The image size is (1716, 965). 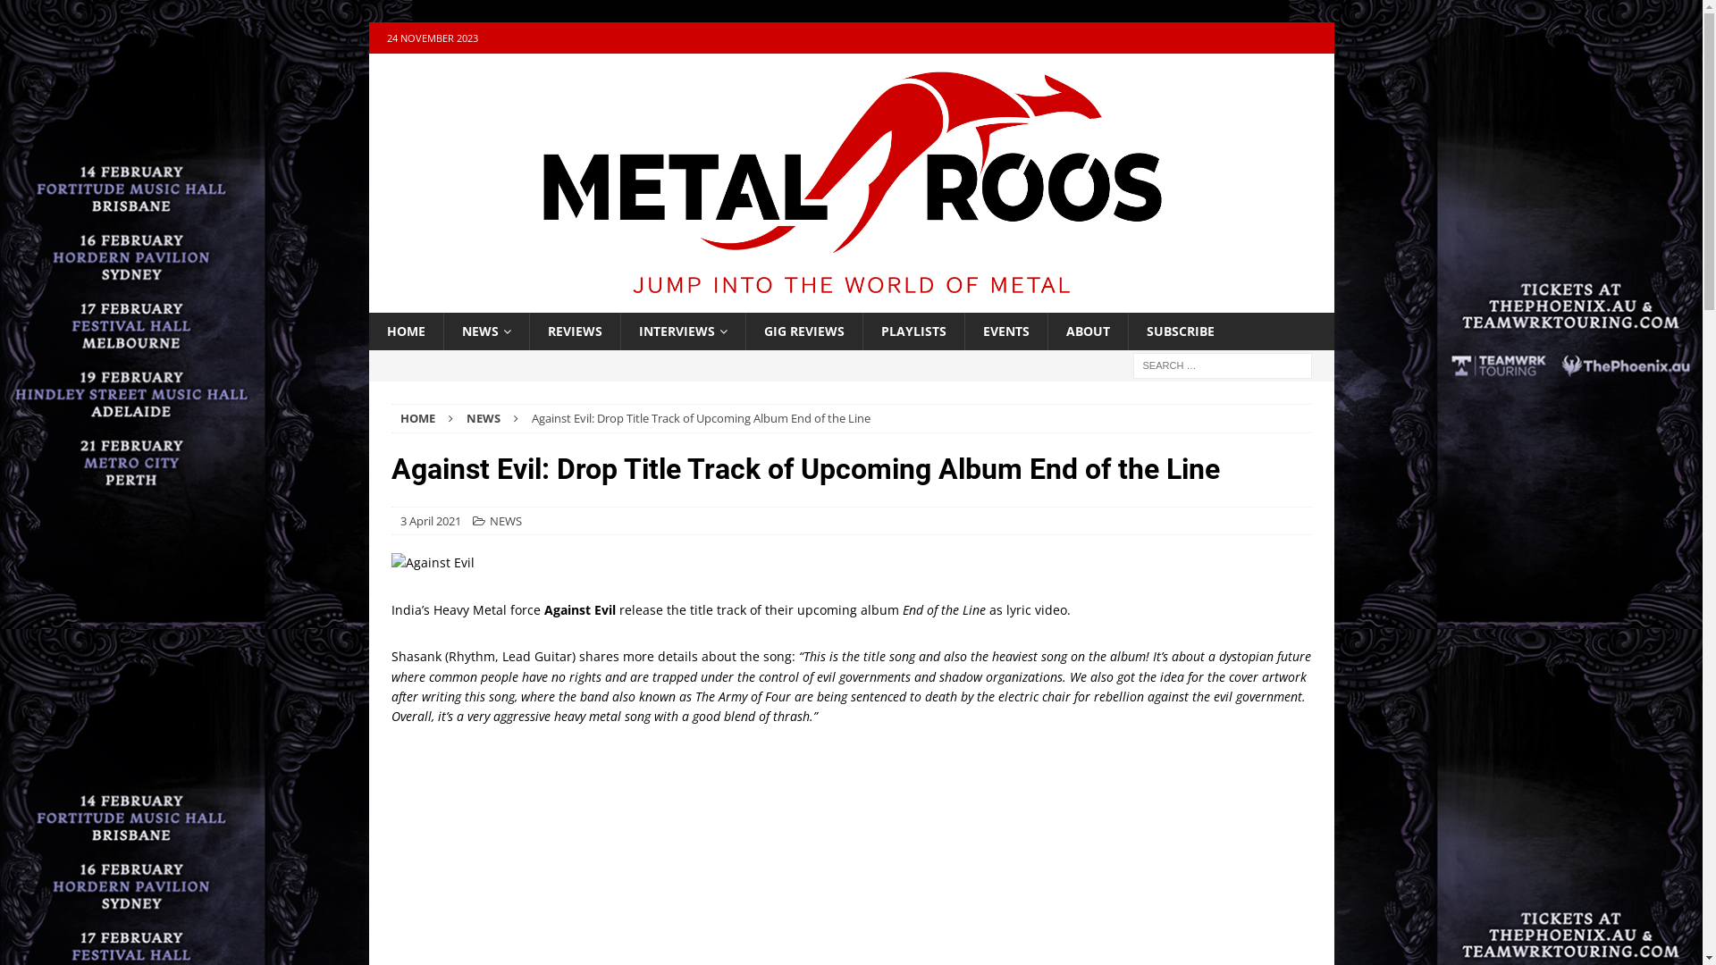 What do you see at coordinates (416, 417) in the screenshot?
I see `'HOME'` at bounding box center [416, 417].